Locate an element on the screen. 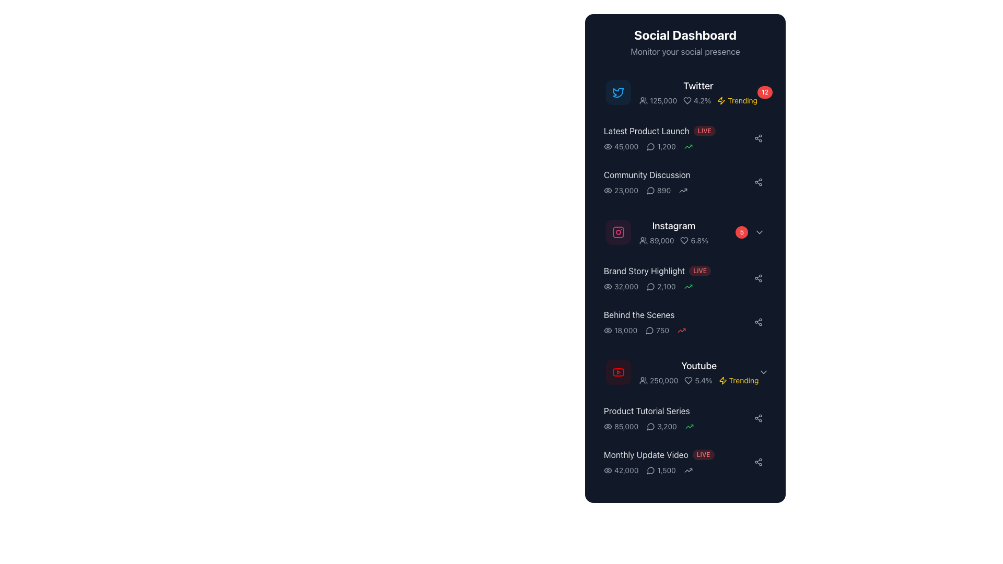  the stat-display element showing the numeric value '3,200' with a chat bubble icon, located in the 'Product Tutorial Series' section of the 'Social Dashboard' UI is located at coordinates (661, 427).